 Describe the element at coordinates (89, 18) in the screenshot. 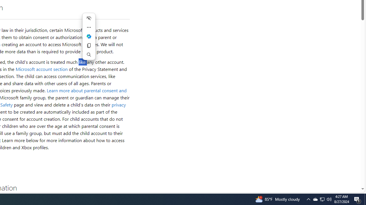

I see `'Hide menu'` at that location.